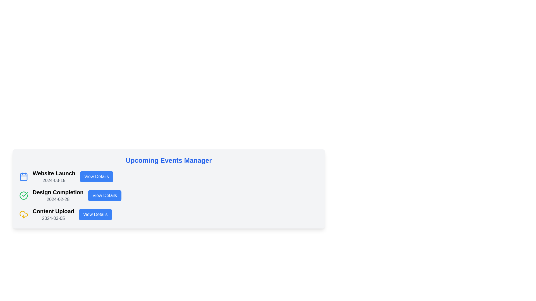 The width and height of the screenshot is (536, 301). I want to click on the green checkmark icon located to the left of the 'Design Completion' text in the event details list, so click(25, 194).